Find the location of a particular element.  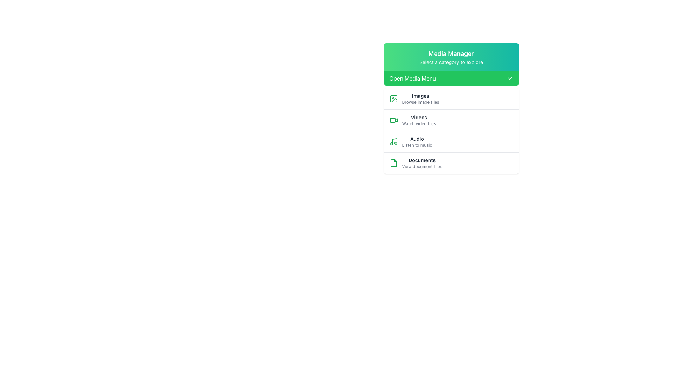

the text element labeled 'View document files' which is styled in a small, gray font and located below the bold label 'Documents' in the dropdown panel titled 'Media Manager' is located at coordinates (422, 167).